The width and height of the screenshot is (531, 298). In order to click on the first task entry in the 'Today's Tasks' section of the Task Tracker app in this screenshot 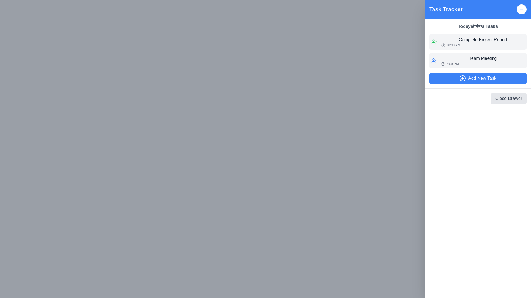, I will do `click(483, 41)`.